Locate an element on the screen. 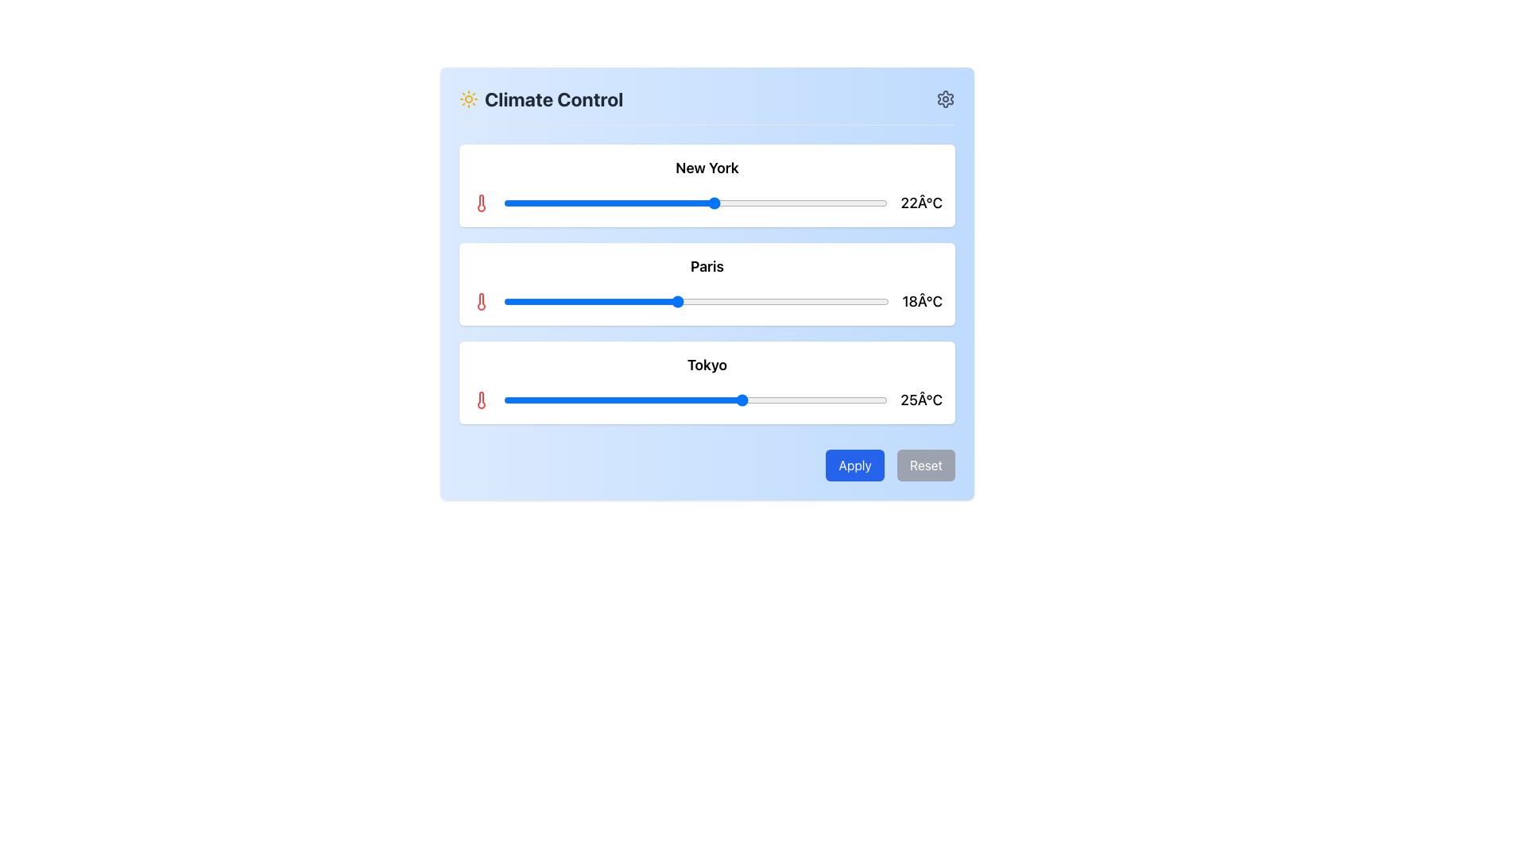  the Tokyo temperature is located at coordinates (667, 400).